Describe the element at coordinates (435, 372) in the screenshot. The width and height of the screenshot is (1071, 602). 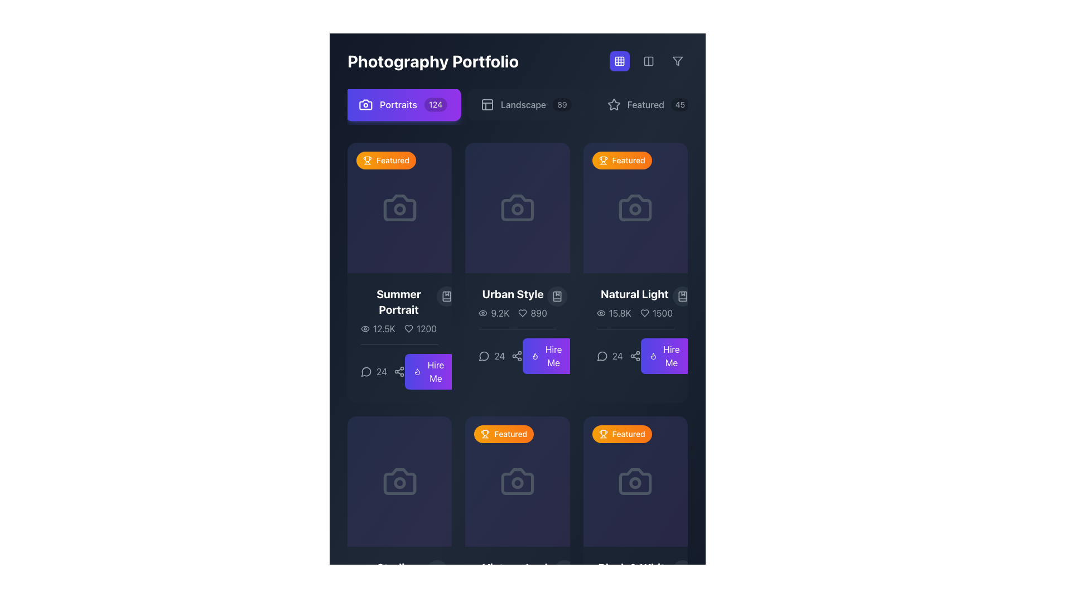
I see `the 'Hiring Request' text label within the 'Urban Style' portfolio card button` at that location.